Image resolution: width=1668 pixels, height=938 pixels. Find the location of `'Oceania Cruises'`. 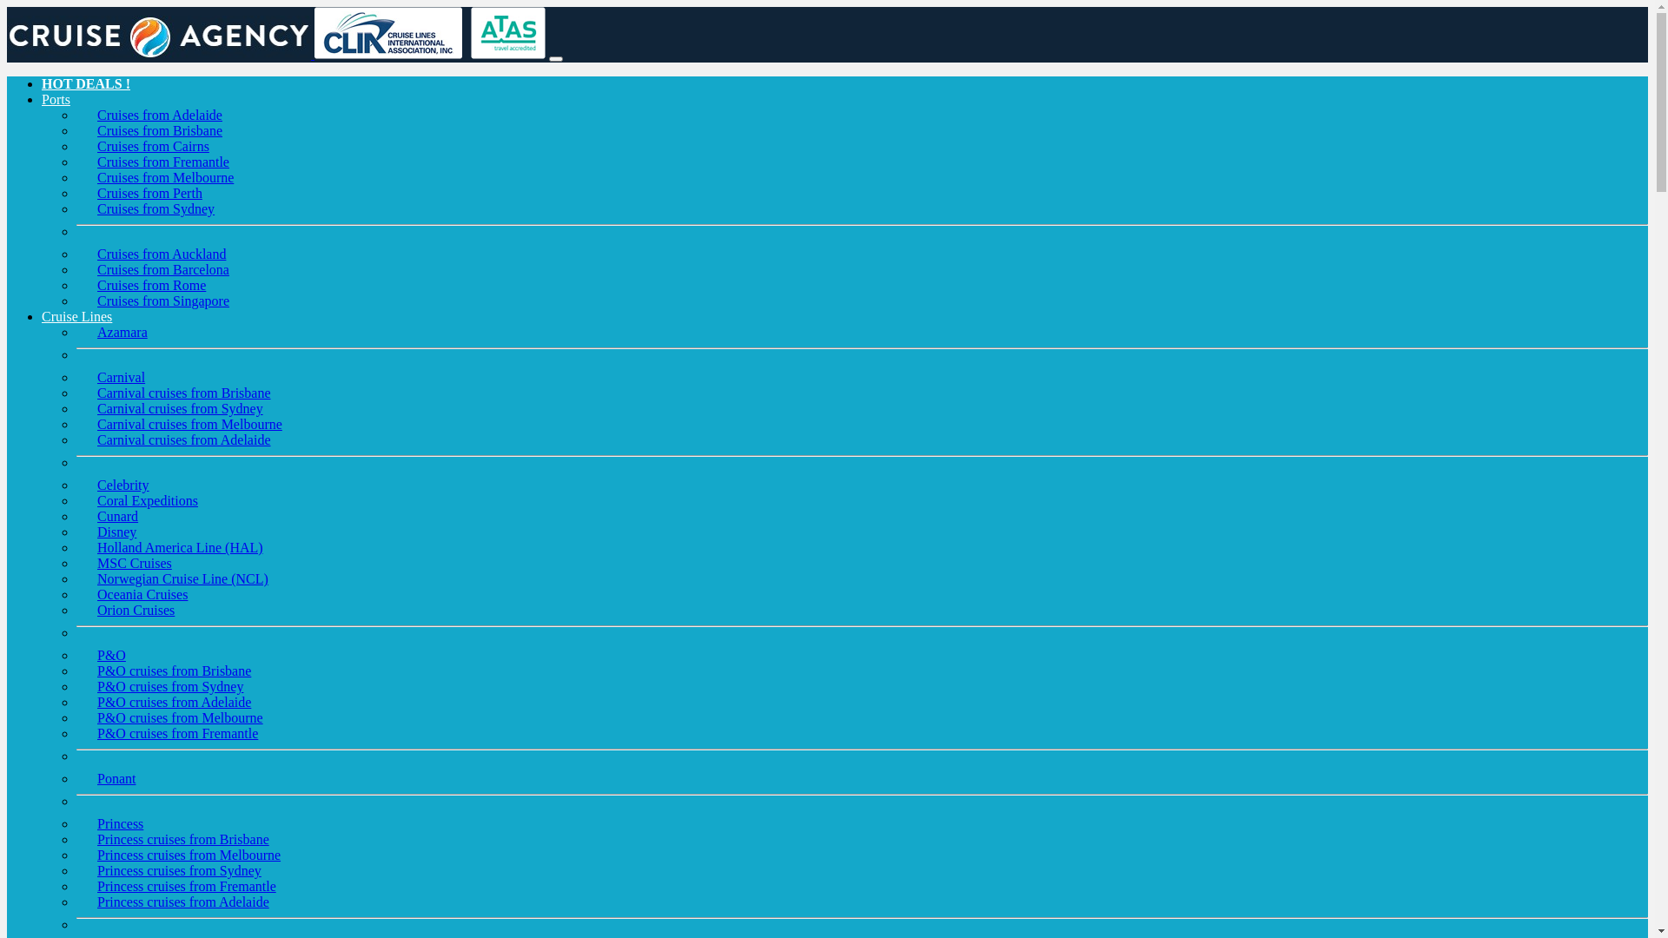

'Oceania Cruises' is located at coordinates (142, 593).